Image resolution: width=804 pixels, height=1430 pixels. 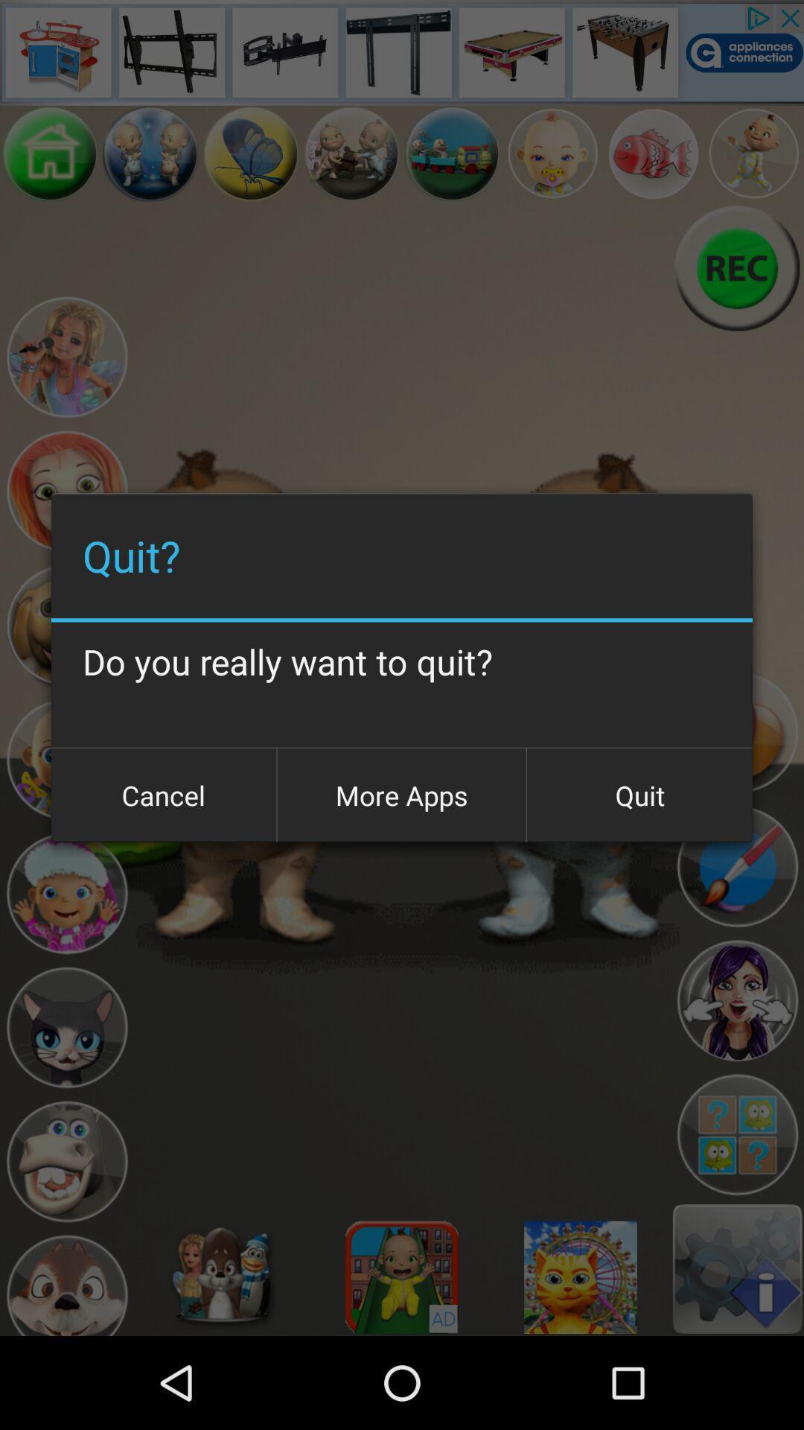 What do you see at coordinates (49, 153) in the screenshot?
I see `the game app` at bounding box center [49, 153].